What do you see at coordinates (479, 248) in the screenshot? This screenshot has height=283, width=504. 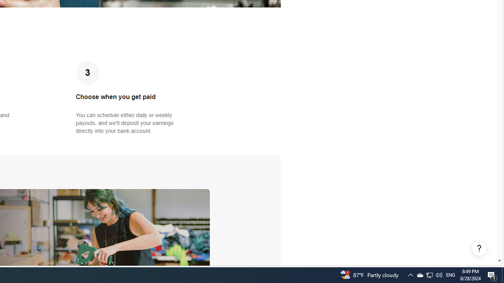 I see `'Help, opens dialogs'` at bounding box center [479, 248].